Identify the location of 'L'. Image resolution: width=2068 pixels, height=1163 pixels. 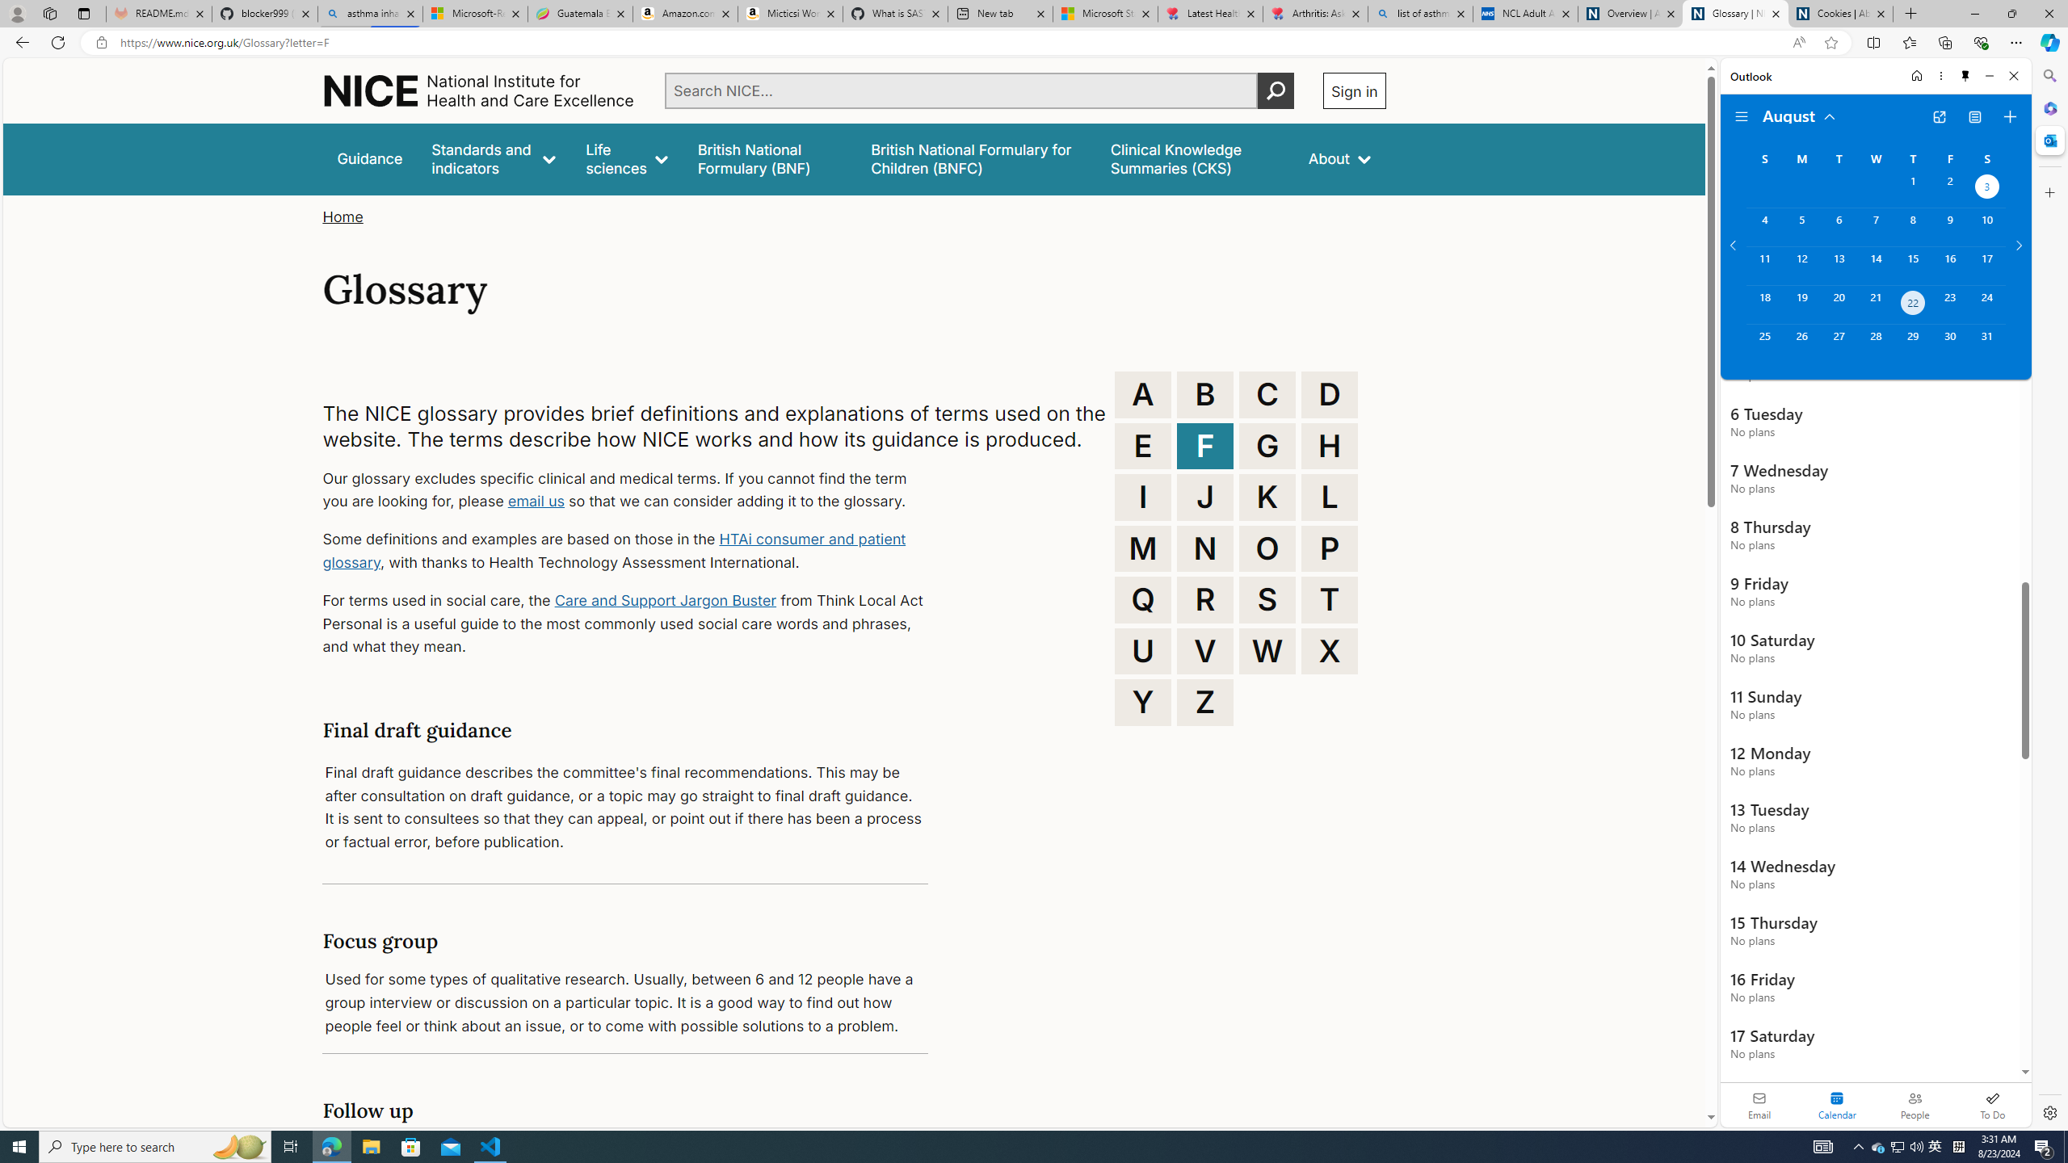
(1330, 498).